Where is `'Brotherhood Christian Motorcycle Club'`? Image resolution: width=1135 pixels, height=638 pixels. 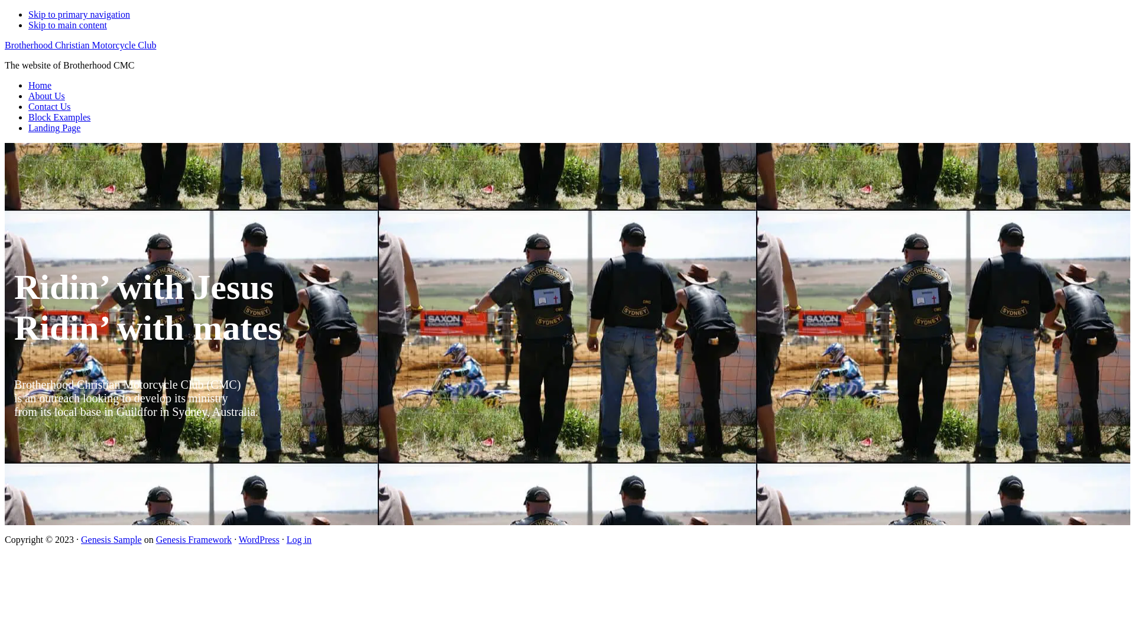 'Brotherhood Christian Motorcycle Club' is located at coordinates (79, 44).